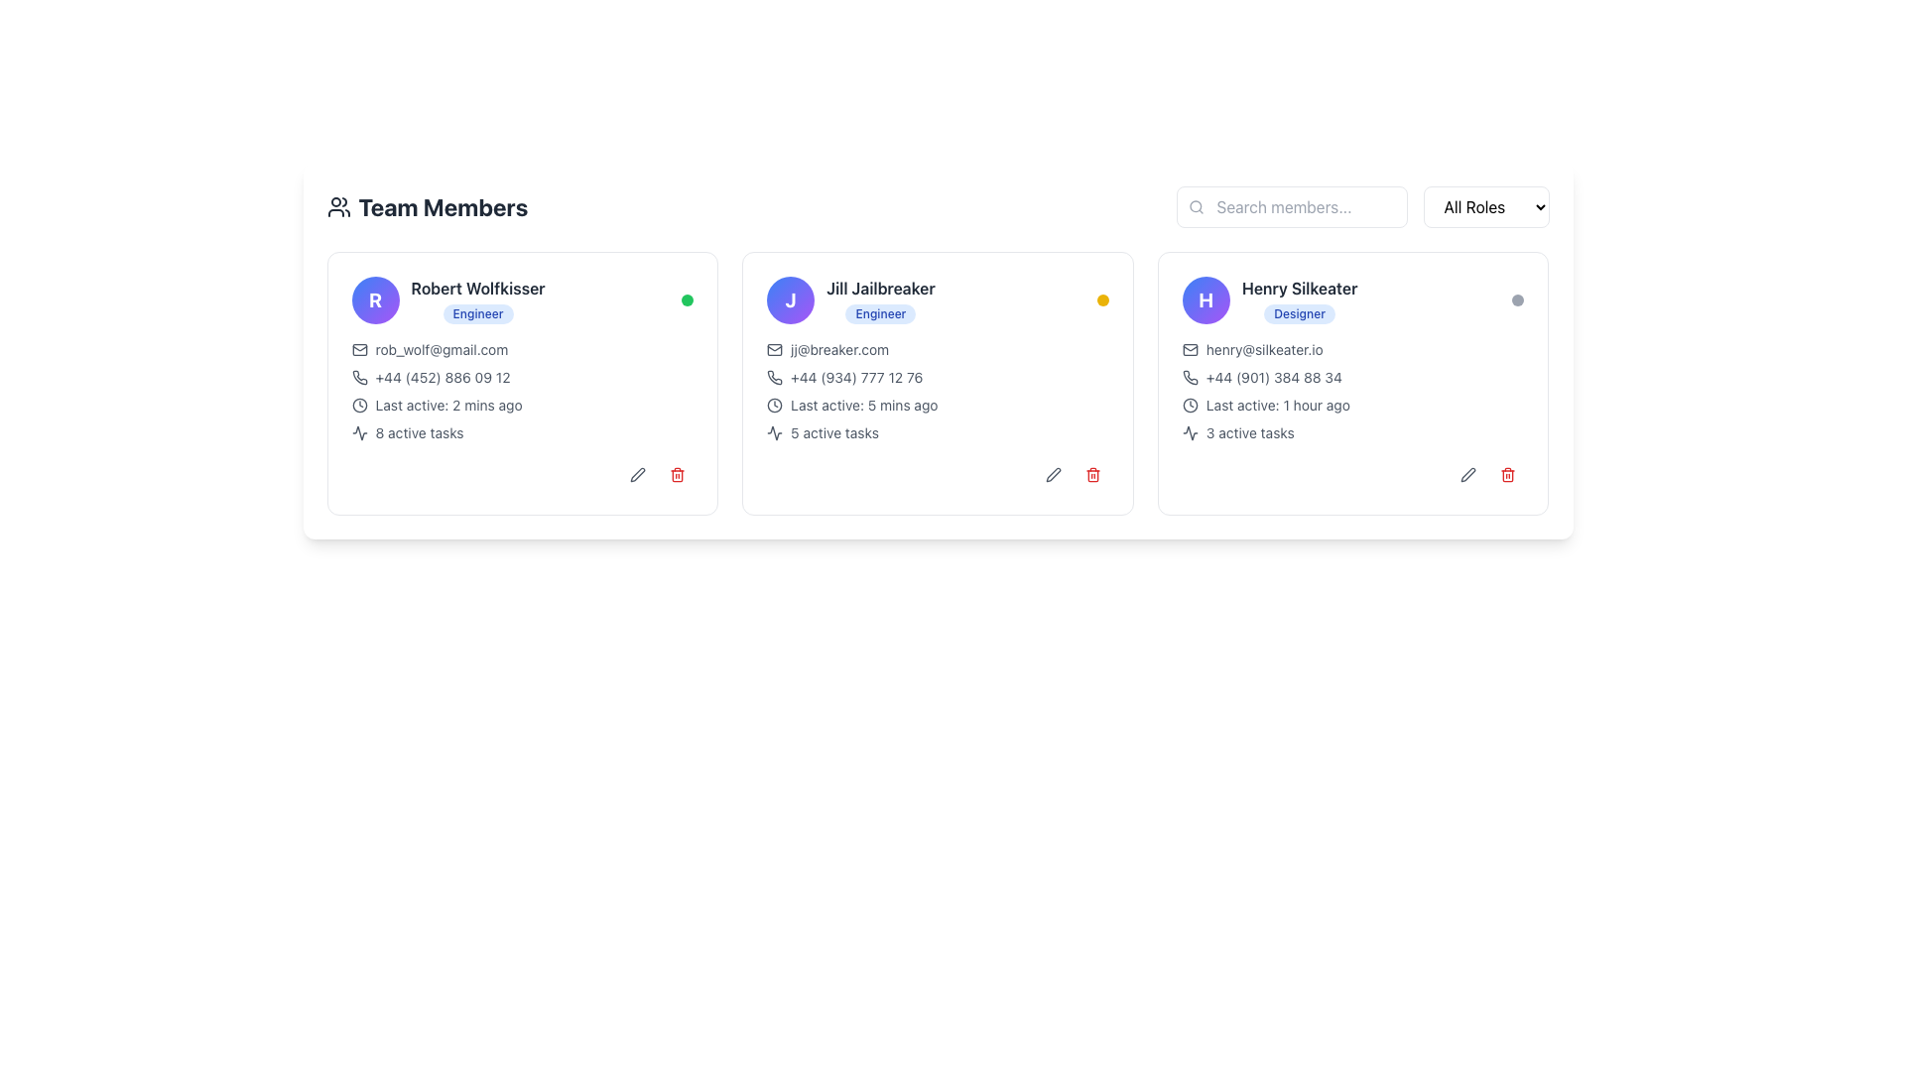  Describe the element at coordinates (1352, 300) in the screenshot. I see `the Profile Header Section displaying the user's avatar, name 'Henry Silkeater', and role 'Designer', located in the top-right card among three horizontally aligned cards` at that location.